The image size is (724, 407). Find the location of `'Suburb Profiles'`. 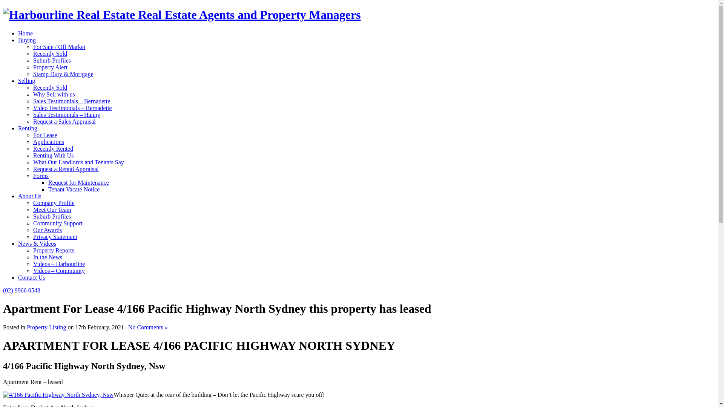

'Suburb Profiles' is located at coordinates (52, 216).